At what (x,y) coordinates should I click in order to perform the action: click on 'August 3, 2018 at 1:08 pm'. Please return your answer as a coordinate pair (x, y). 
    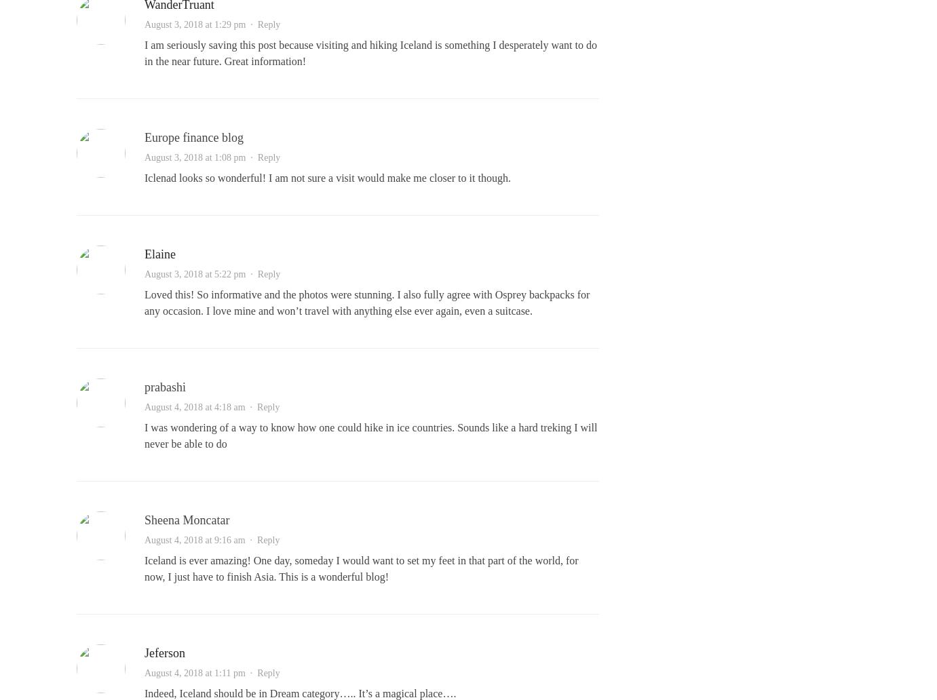
    Looking at the image, I should click on (195, 157).